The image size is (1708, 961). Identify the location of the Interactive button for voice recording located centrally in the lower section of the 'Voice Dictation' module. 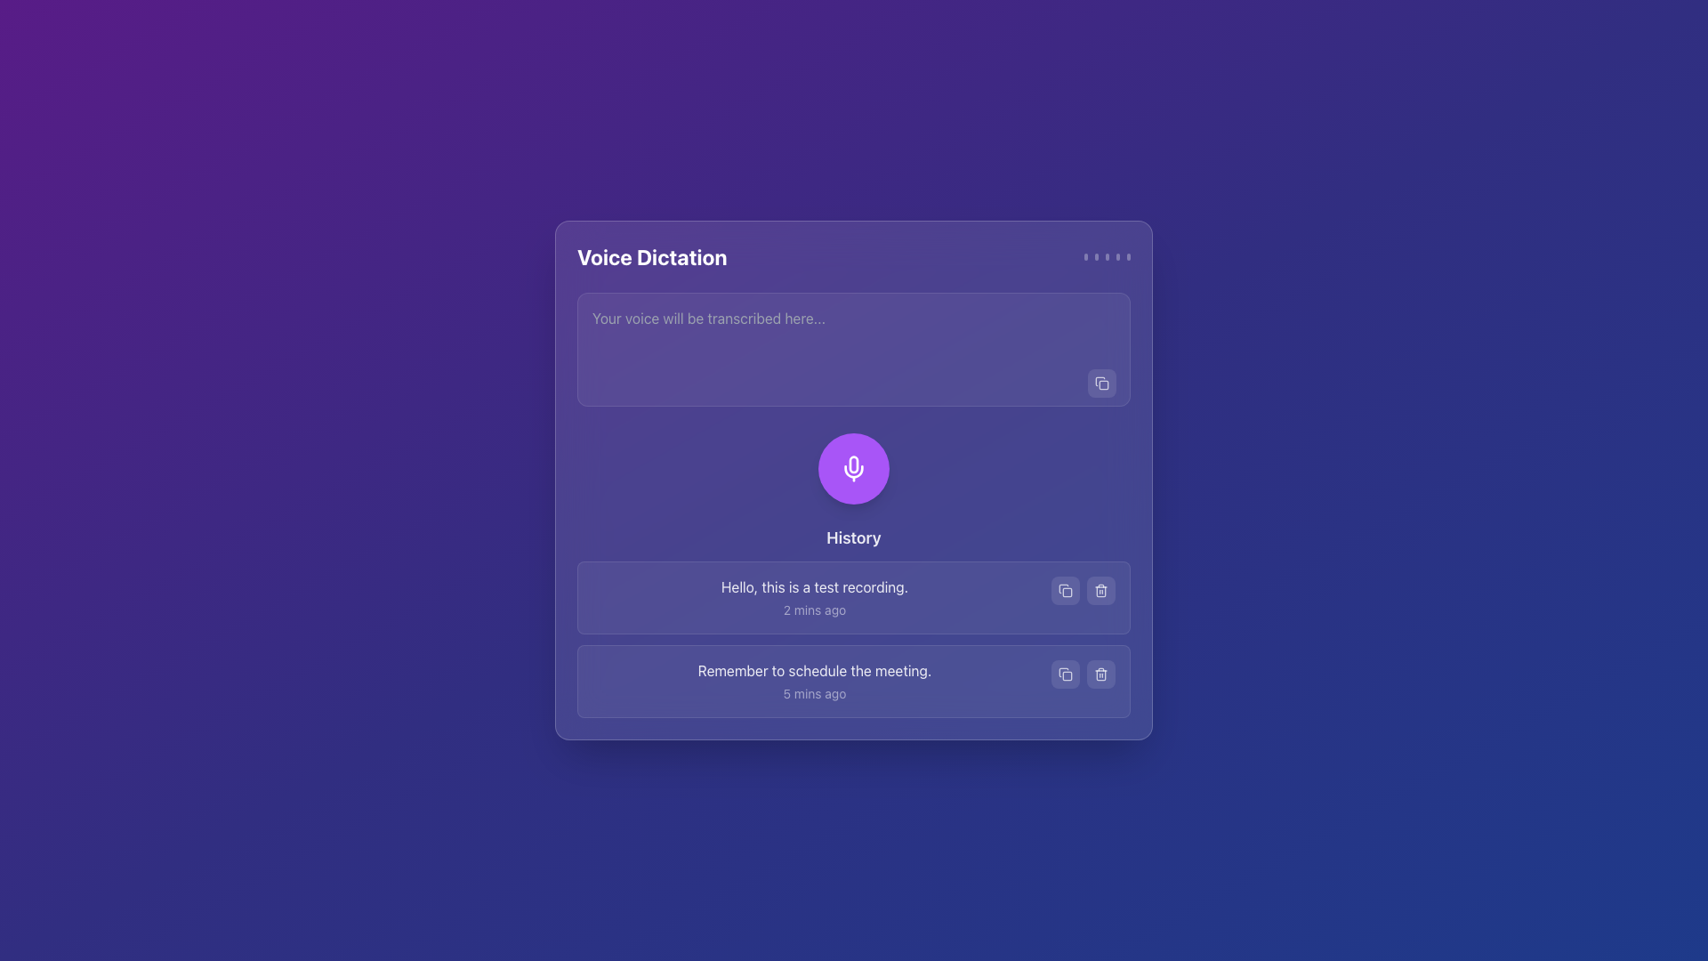
(854, 468).